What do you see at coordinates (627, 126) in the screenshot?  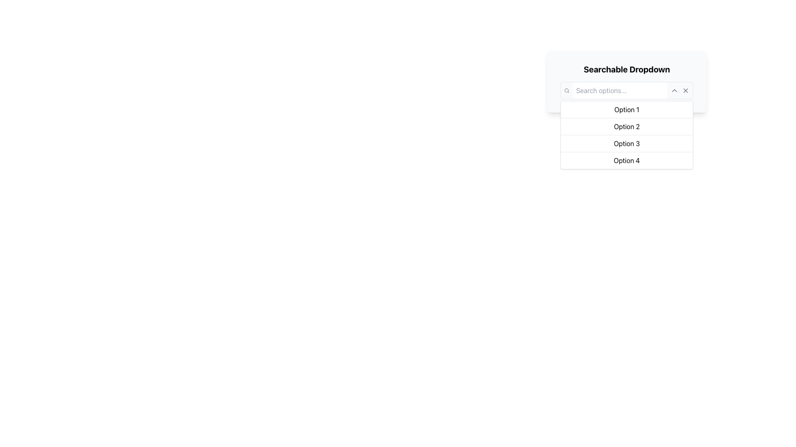 I see `the second option labeled 'Option 2' in the dropdown menu located below the 'Searchable Dropdown' search bar` at bounding box center [627, 126].